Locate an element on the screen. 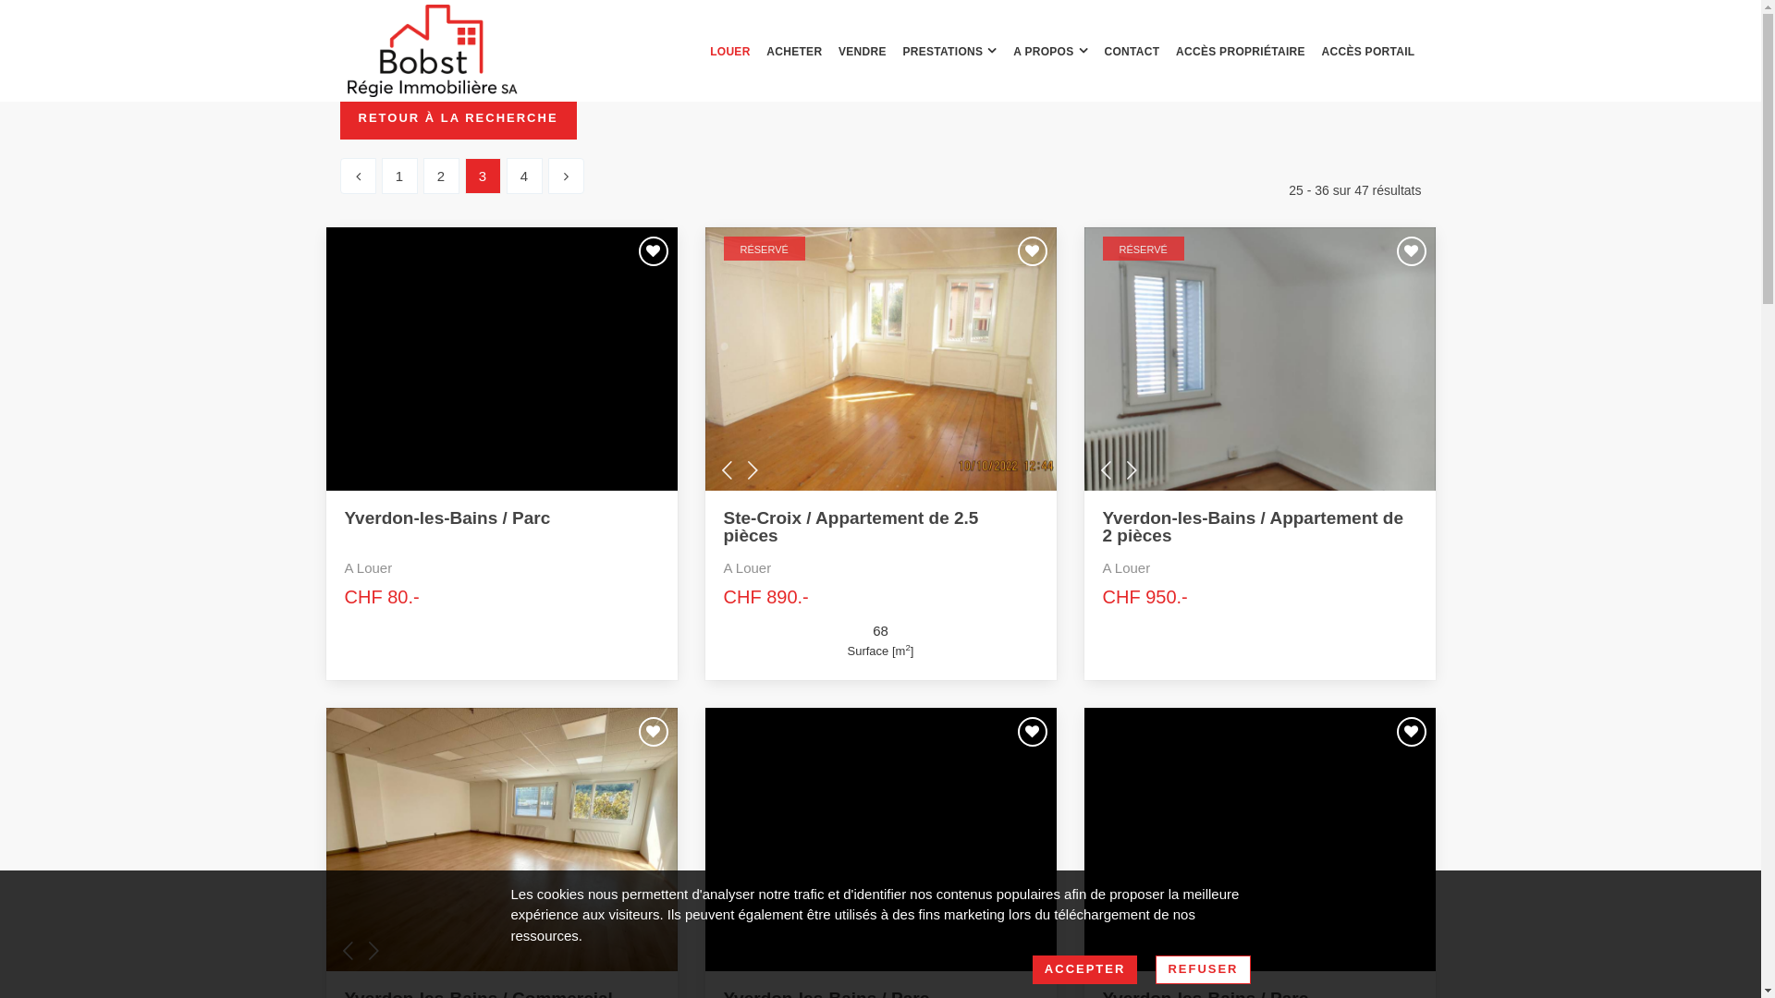 The height and width of the screenshot is (998, 1775). '1' is located at coordinates (398, 176).